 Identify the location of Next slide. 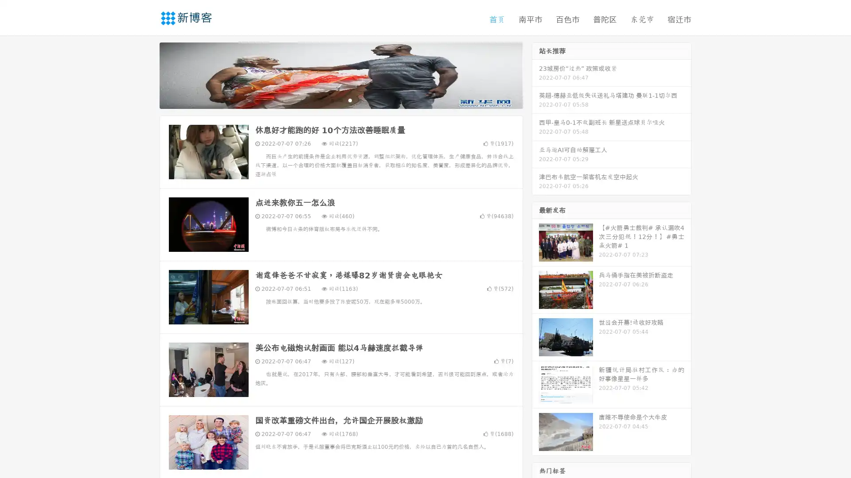
(535, 74).